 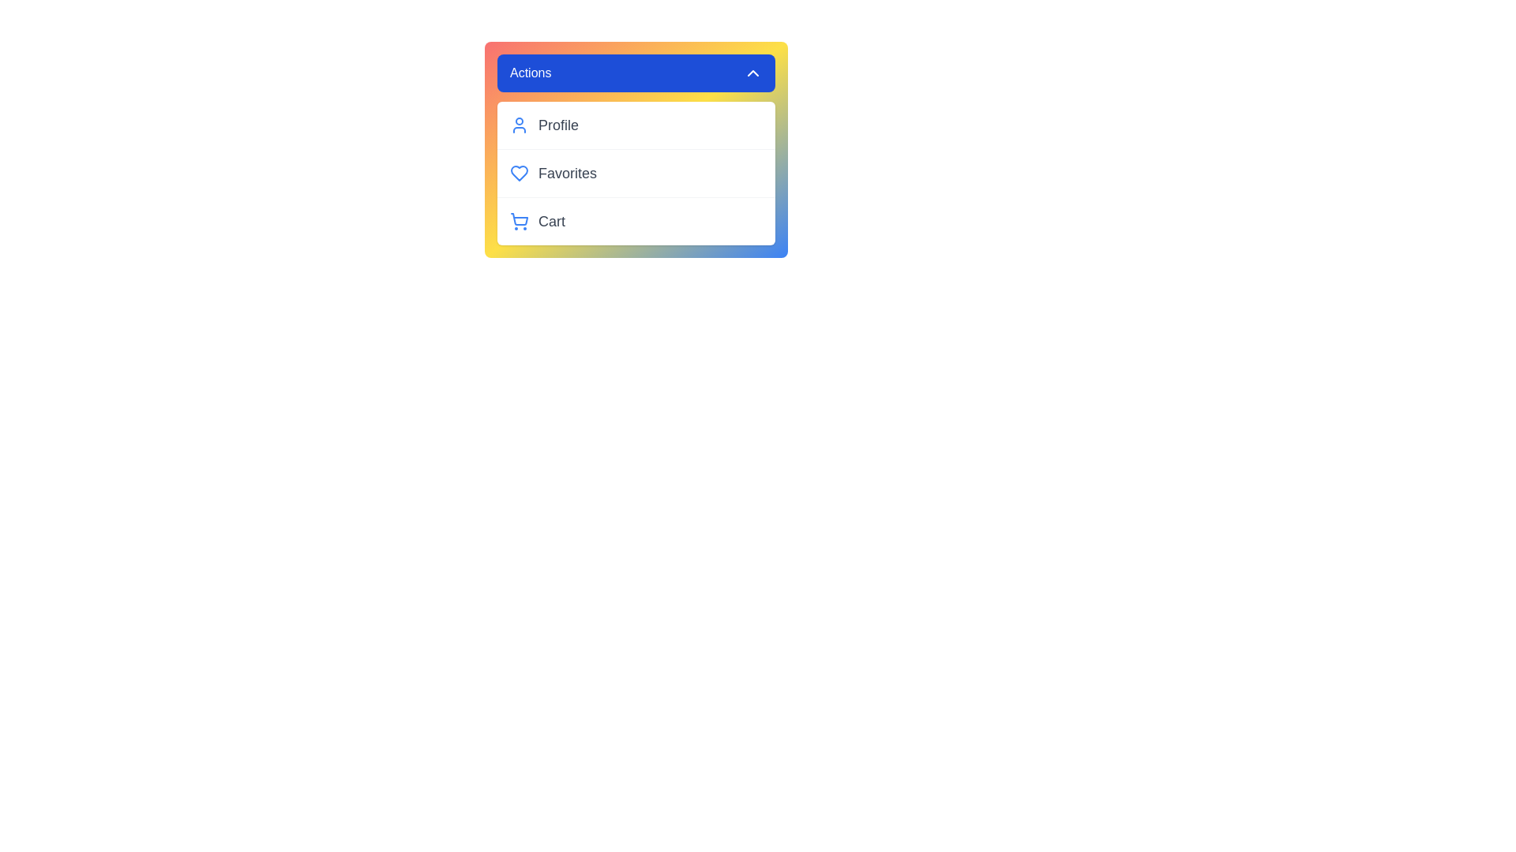 What do you see at coordinates (636, 124) in the screenshot?
I see `the first option in the 'Actions' section of the navigation menu` at bounding box center [636, 124].